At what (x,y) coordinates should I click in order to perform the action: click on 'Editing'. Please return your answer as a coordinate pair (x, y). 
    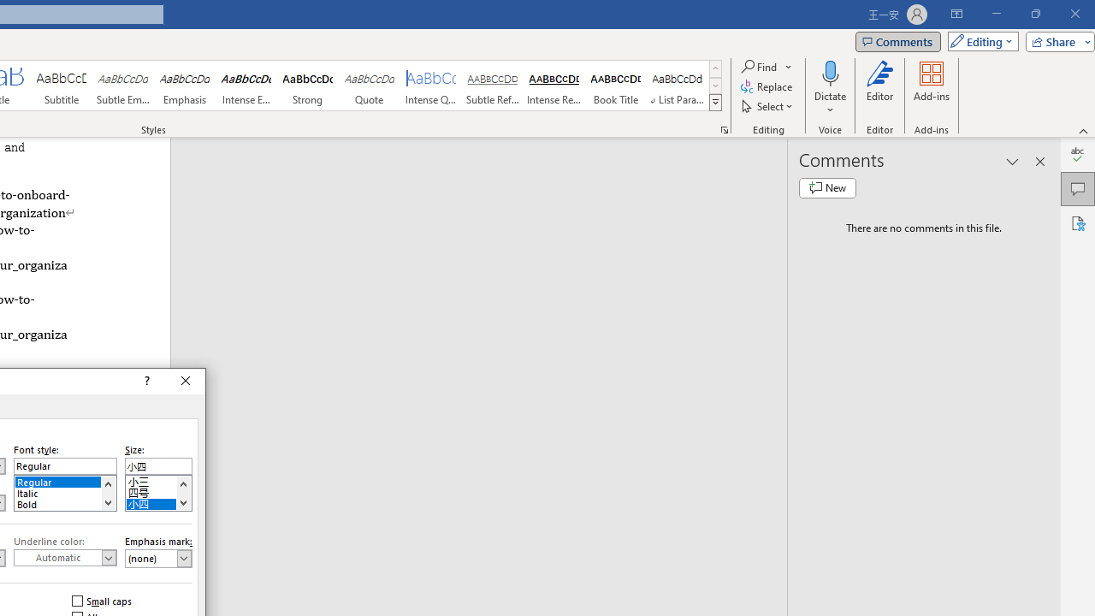
    Looking at the image, I should click on (979, 40).